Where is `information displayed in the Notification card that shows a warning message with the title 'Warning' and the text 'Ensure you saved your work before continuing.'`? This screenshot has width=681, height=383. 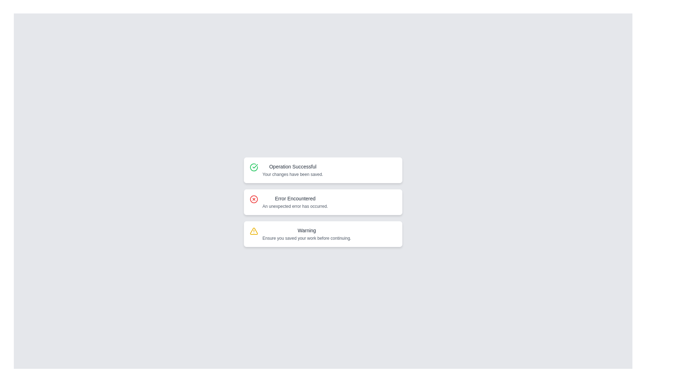 information displayed in the Notification card that shows a warning message with the title 'Warning' and the text 'Ensure you saved your work before continuing.' is located at coordinates (323, 234).